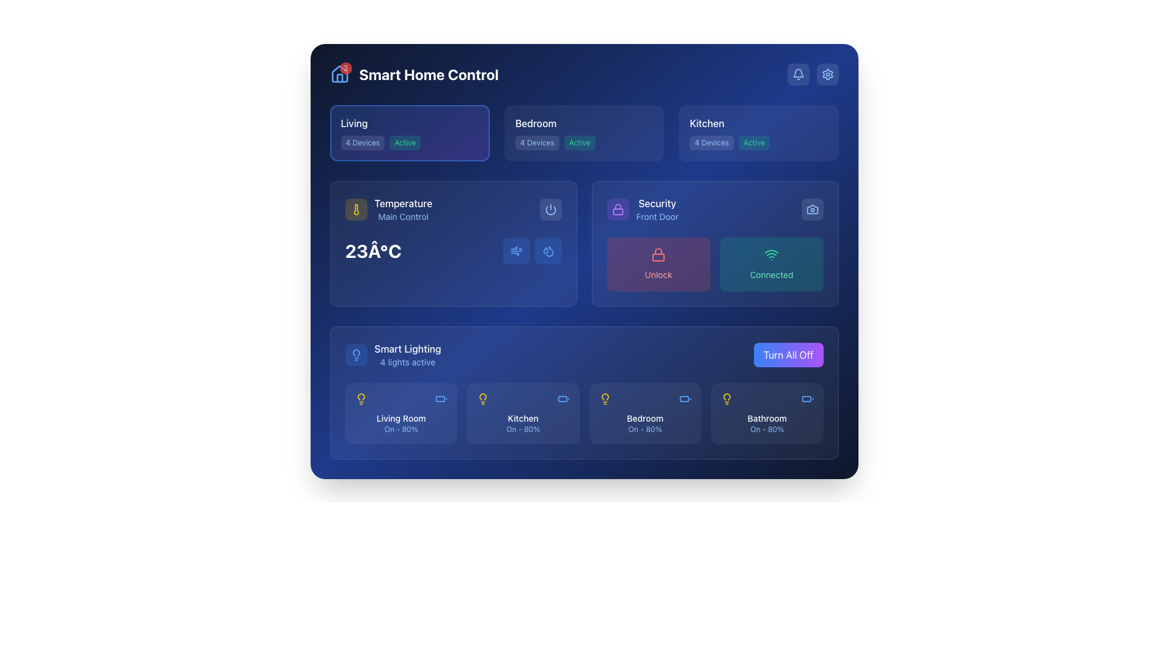 Image resolution: width=1174 pixels, height=660 pixels. What do you see at coordinates (766, 413) in the screenshot?
I see `the interactive card representing the 'Bathroom' lighting device, which indicates it is 'On' with 80% intensity` at bounding box center [766, 413].